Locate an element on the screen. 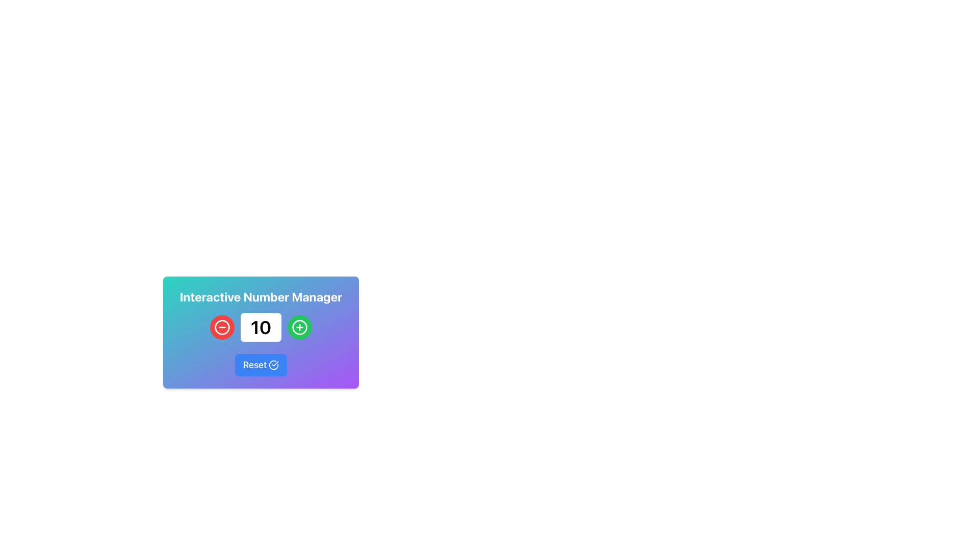 The width and height of the screenshot is (979, 550). the 'Reset' button with a blue background and a circular check icon, located at the bottom of the 'Interactive Number Manager' card is located at coordinates (261, 365).